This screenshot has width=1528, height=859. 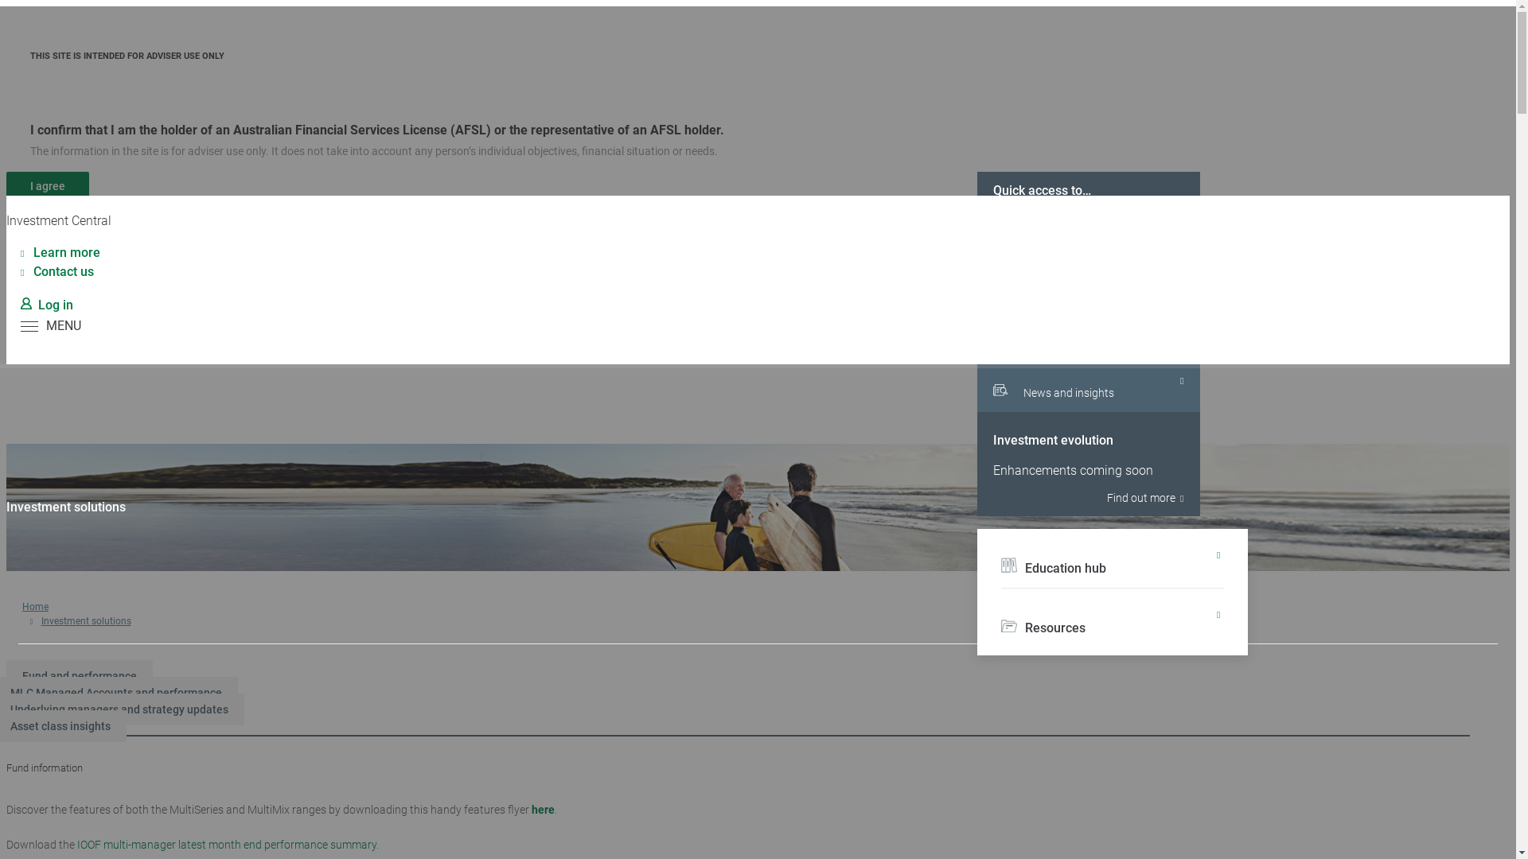 I want to click on 'Investment dashboard', so click(x=1088, y=336).